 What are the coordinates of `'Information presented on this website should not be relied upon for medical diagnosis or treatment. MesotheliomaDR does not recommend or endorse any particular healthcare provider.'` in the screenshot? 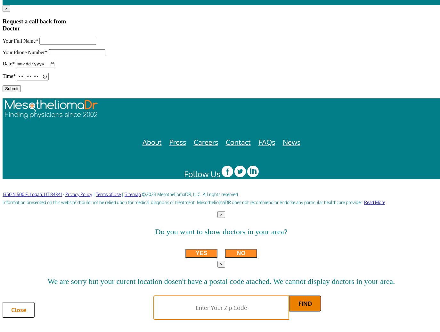 It's located at (183, 202).